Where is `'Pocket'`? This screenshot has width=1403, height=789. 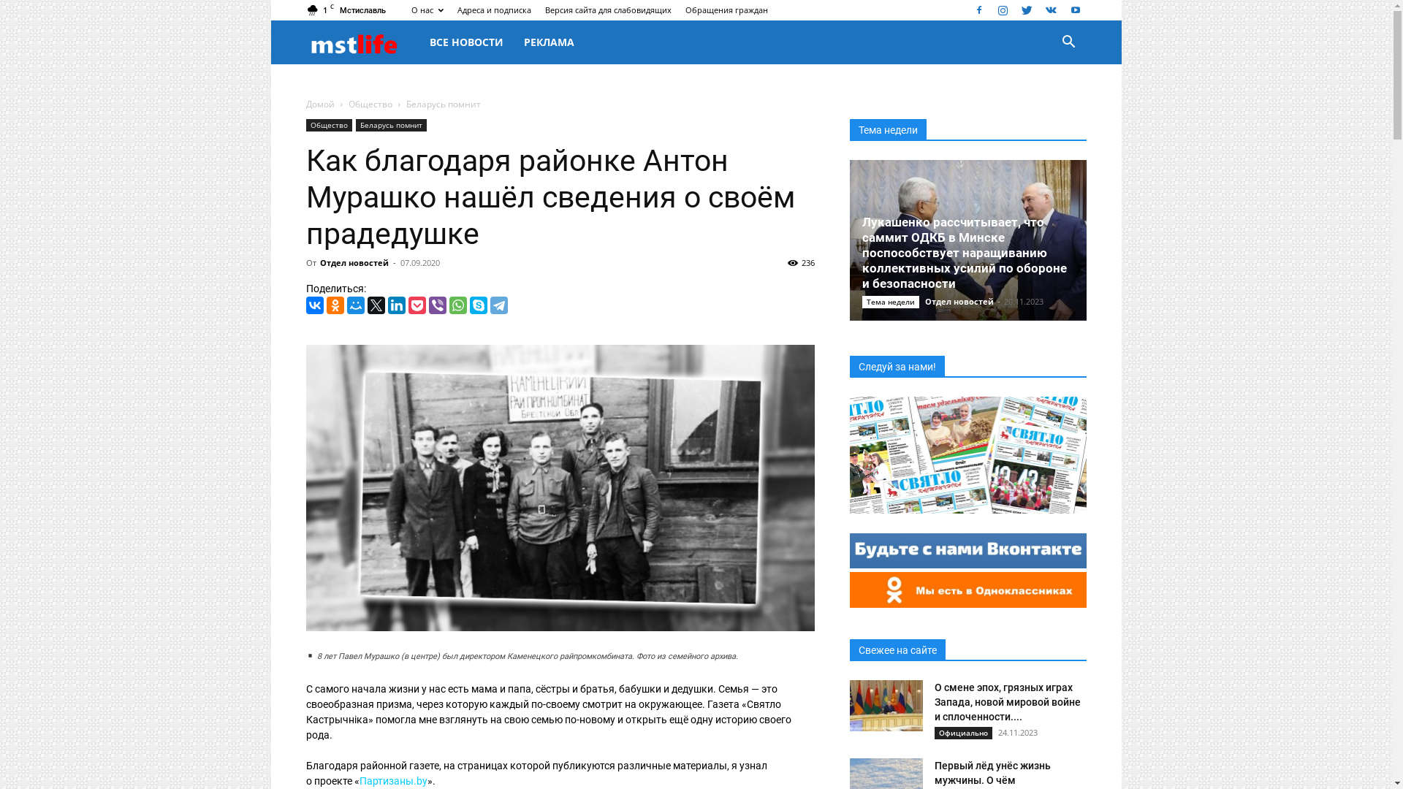 'Pocket' is located at coordinates (416, 304).